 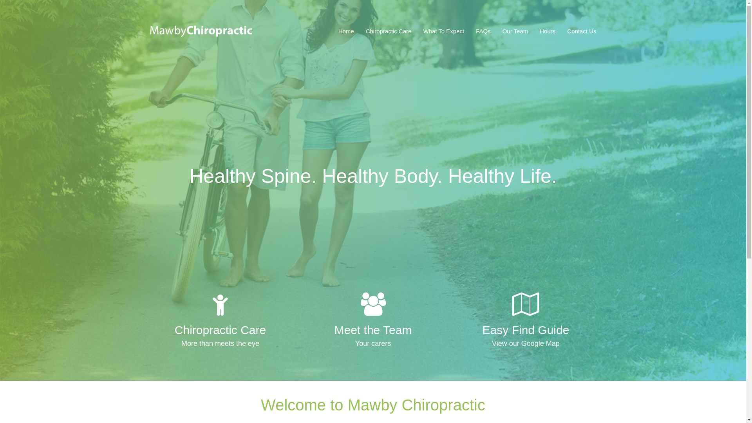 What do you see at coordinates (578, 31) in the screenshot?
I see `'Contact Us'` at bounding box center [578, 31].